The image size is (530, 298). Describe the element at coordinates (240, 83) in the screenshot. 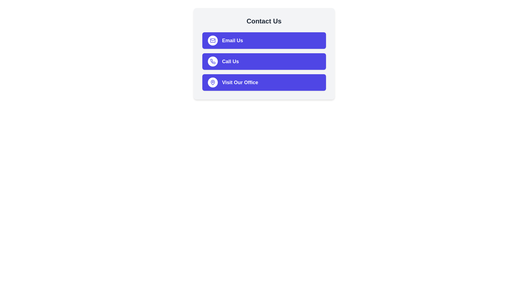

I see `text content of the label indicating the action of visiting the office, located within the third button of the vertically aligned list in the 'Contact Us' card` at that location.